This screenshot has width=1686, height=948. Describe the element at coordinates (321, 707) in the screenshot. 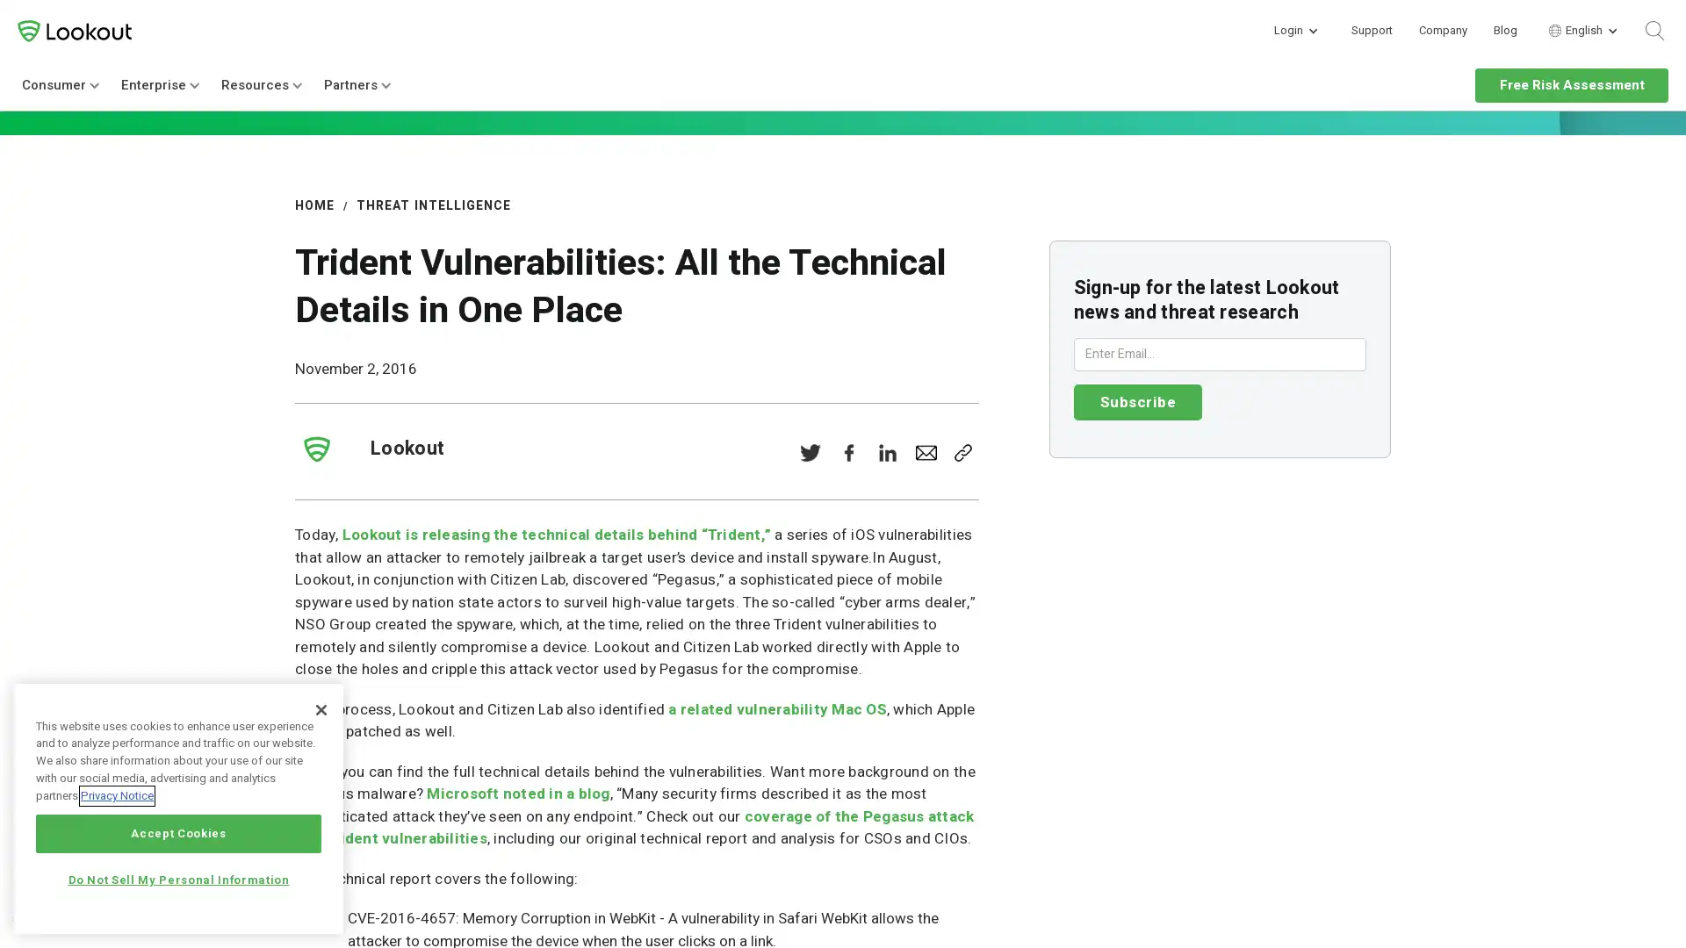

I see `Close` at that location.